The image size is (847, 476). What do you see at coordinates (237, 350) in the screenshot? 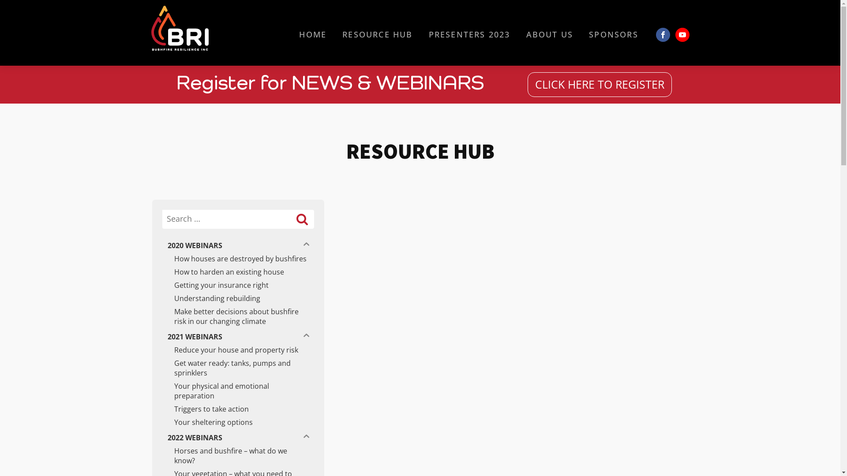
I see `'Reduce your house and property risk'` at bounding box center [237, 350].